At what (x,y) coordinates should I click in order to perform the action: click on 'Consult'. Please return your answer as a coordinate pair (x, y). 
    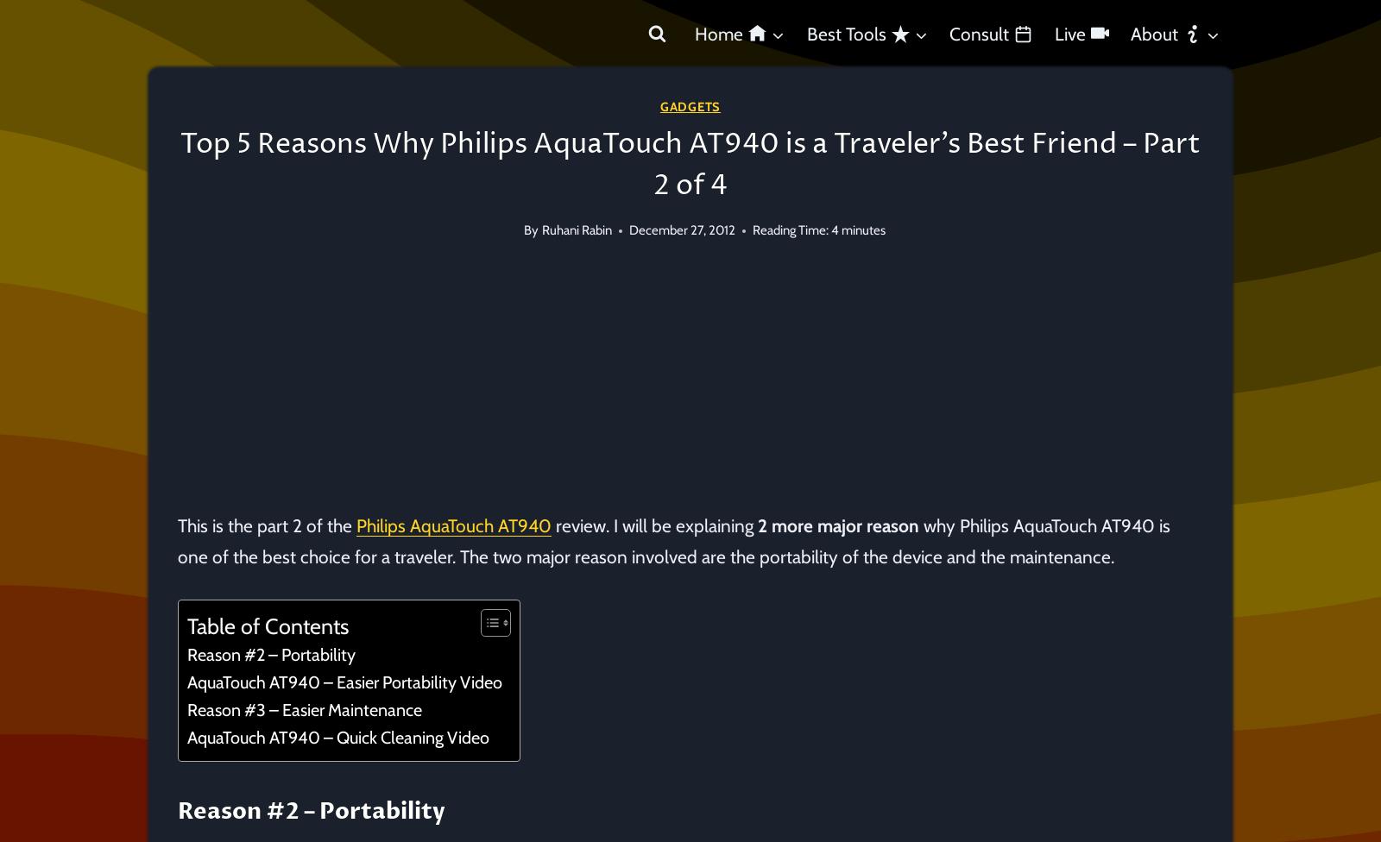
    Looking at the image, I should click on (979, 34).